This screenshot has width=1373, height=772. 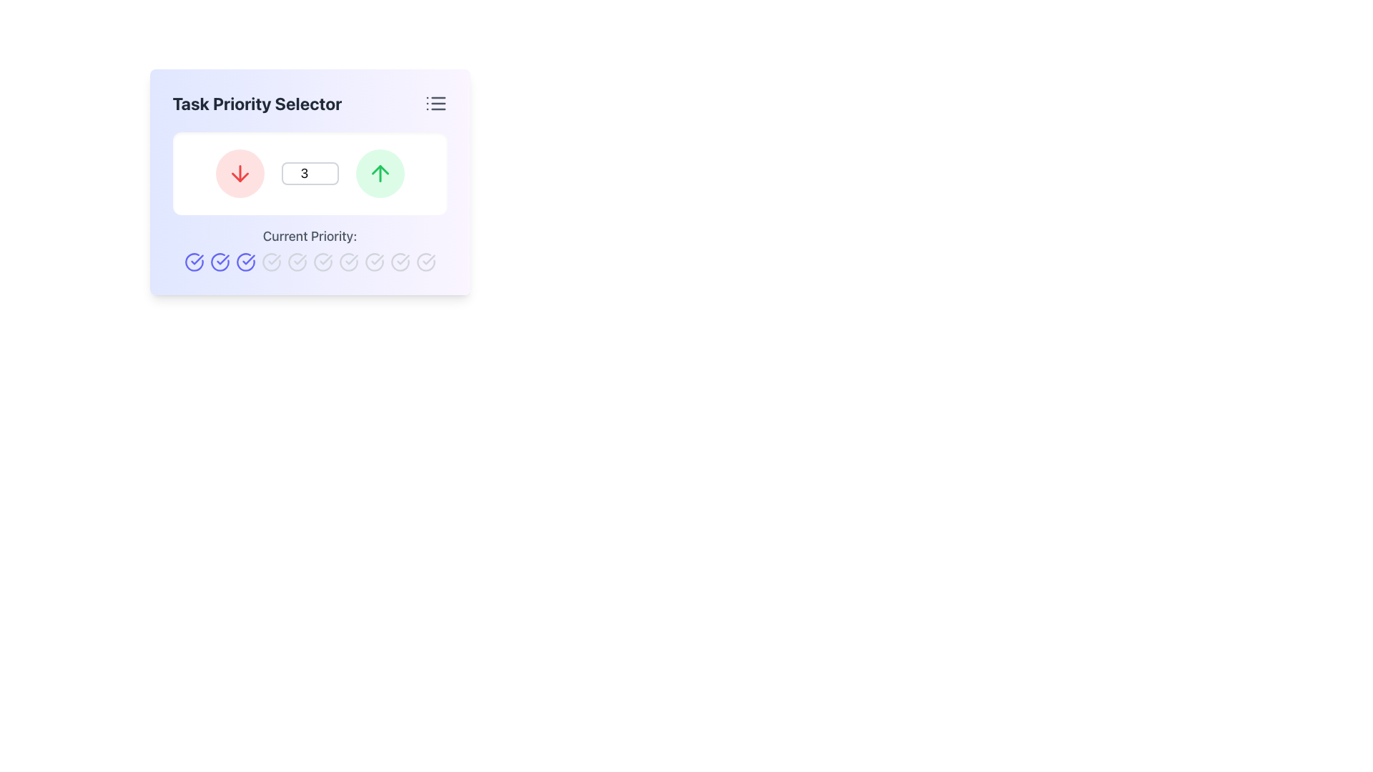 What do you see at coordinates (380, 173) in the screenshot?
I see `the button located to the right of the number input field in the 'Task Priority Selector' interface to increase the priority value` at bounding box center [380, 173].